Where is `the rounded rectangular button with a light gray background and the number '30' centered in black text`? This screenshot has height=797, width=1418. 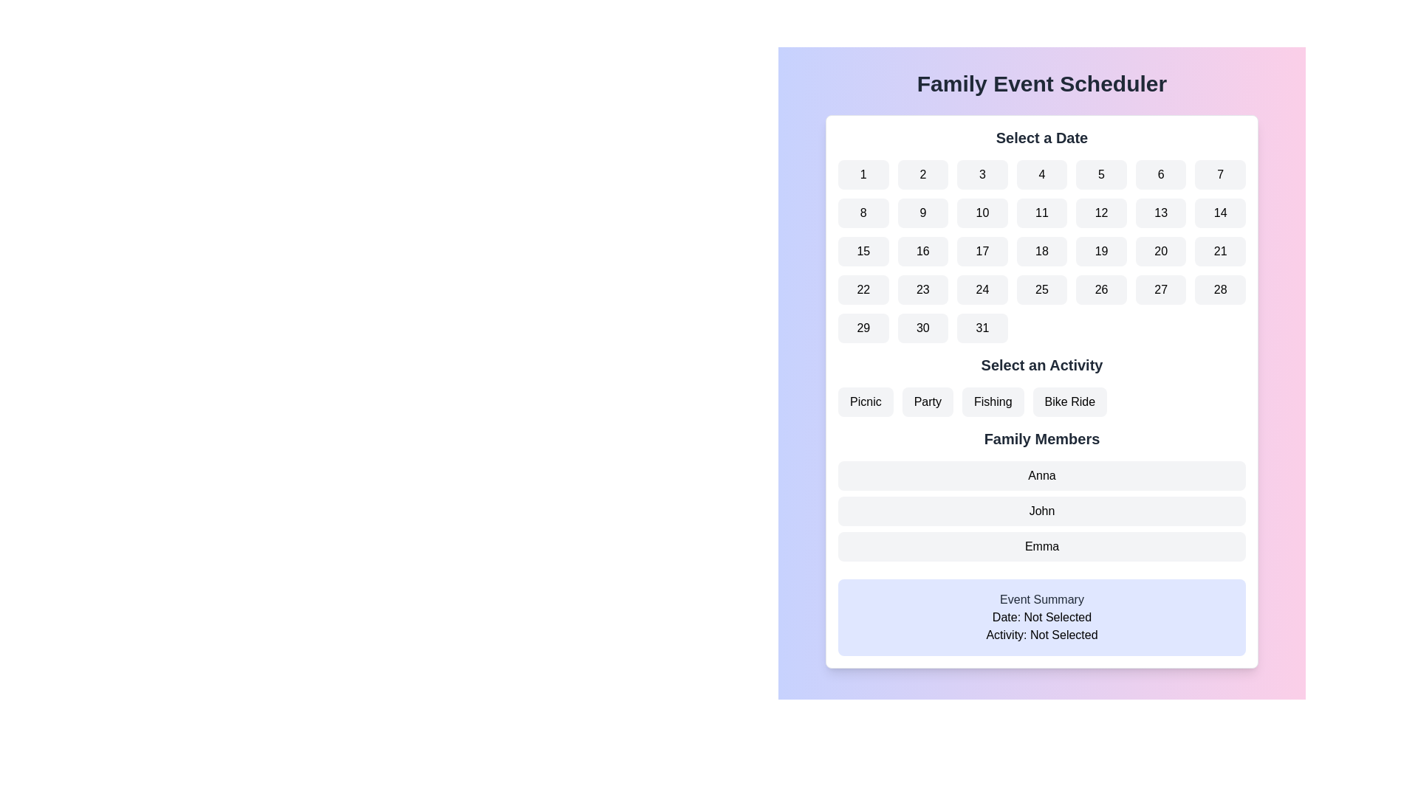
the rounded rectangular button with a light gray background and the number '30' centered in black text is located at coordinates (922, 327).